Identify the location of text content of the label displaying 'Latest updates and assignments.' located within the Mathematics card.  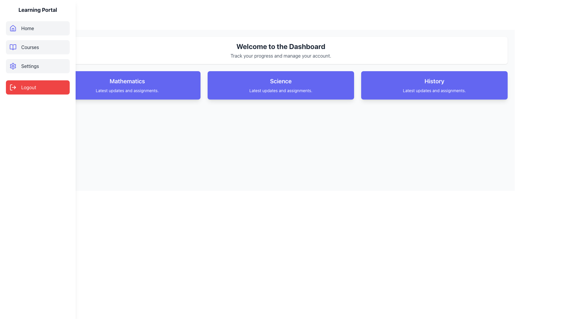
(127, 91).